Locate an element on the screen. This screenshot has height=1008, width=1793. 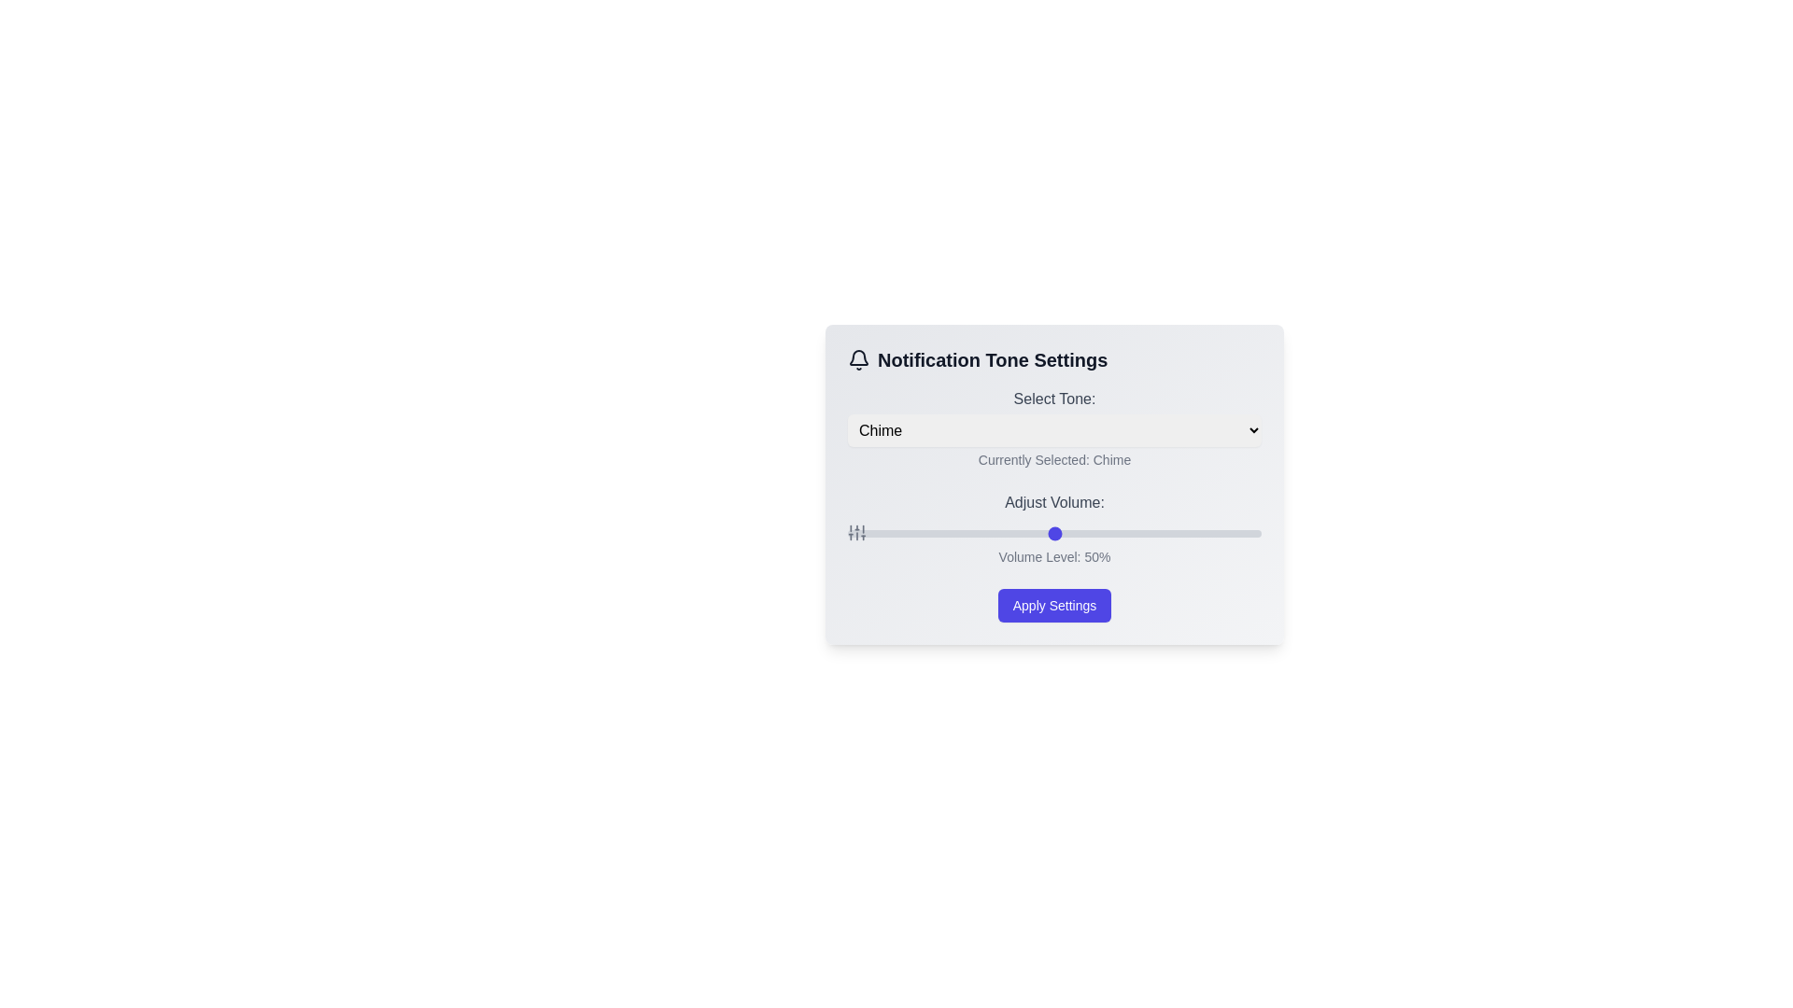
the volume level is located at coordinates (876, 533).